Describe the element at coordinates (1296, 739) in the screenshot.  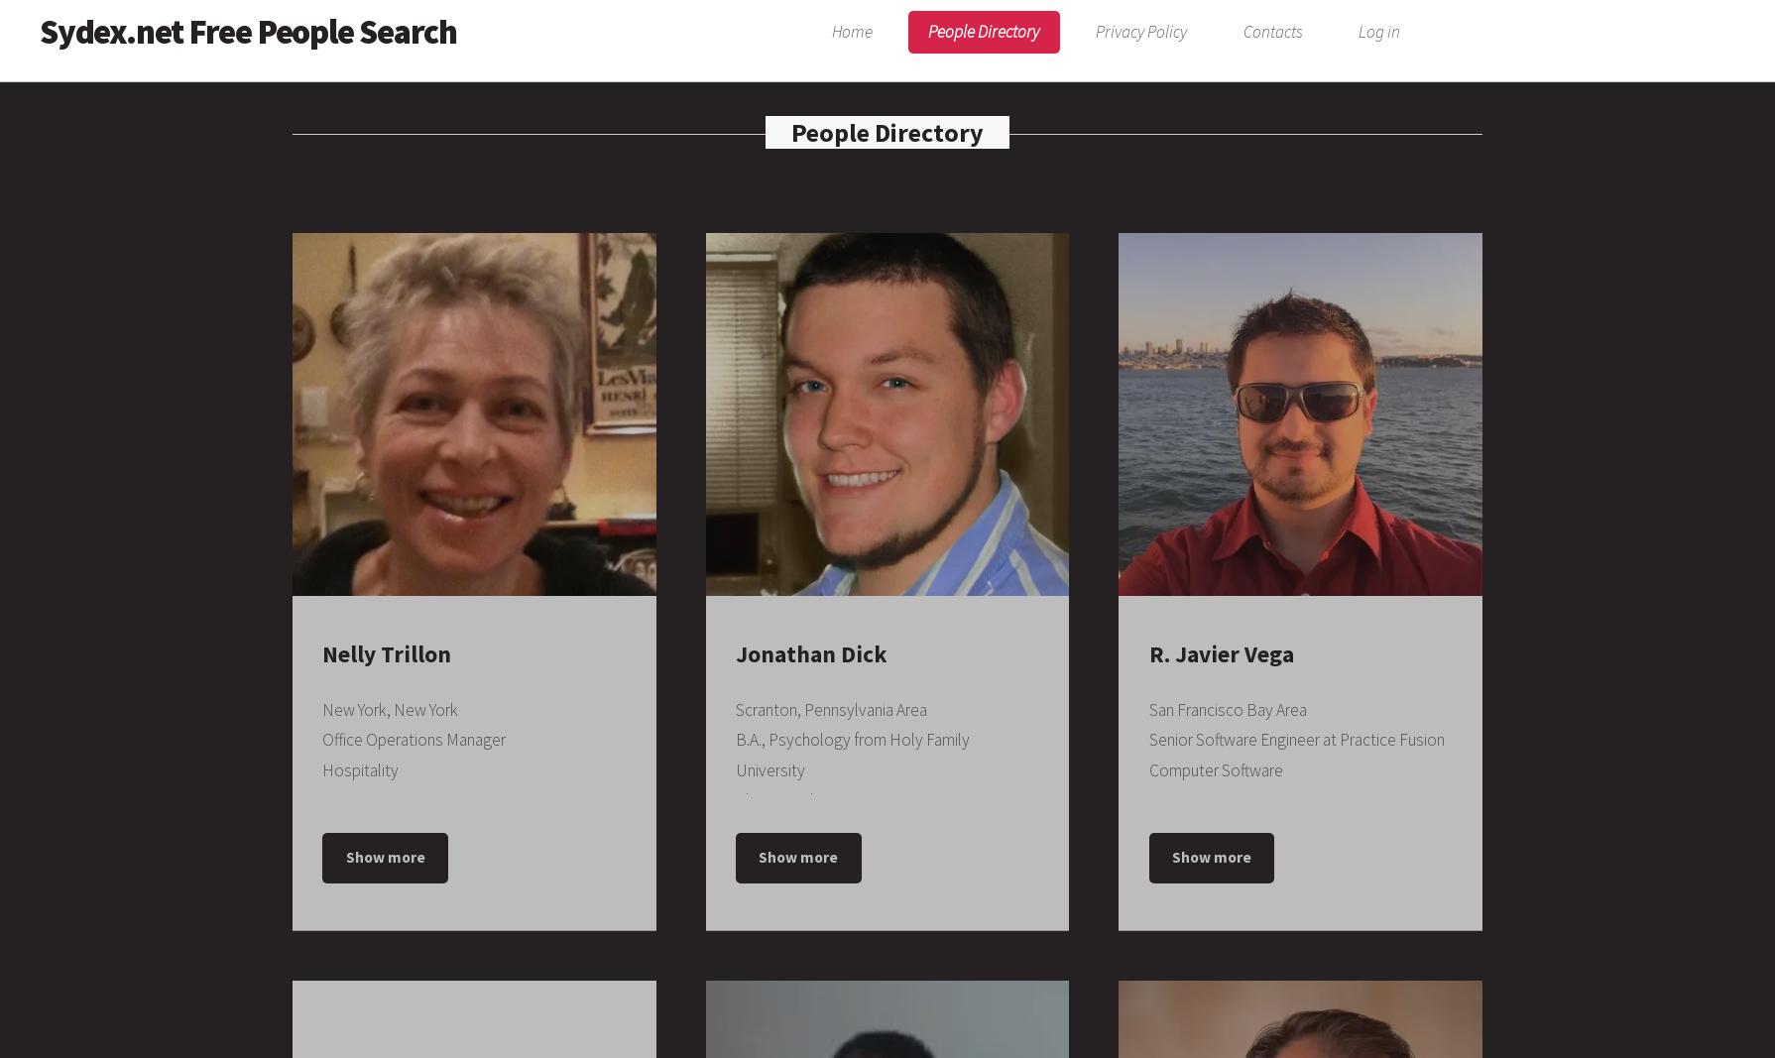
I see `'Senior Software Engineer at Practice Fusion'` at that location.